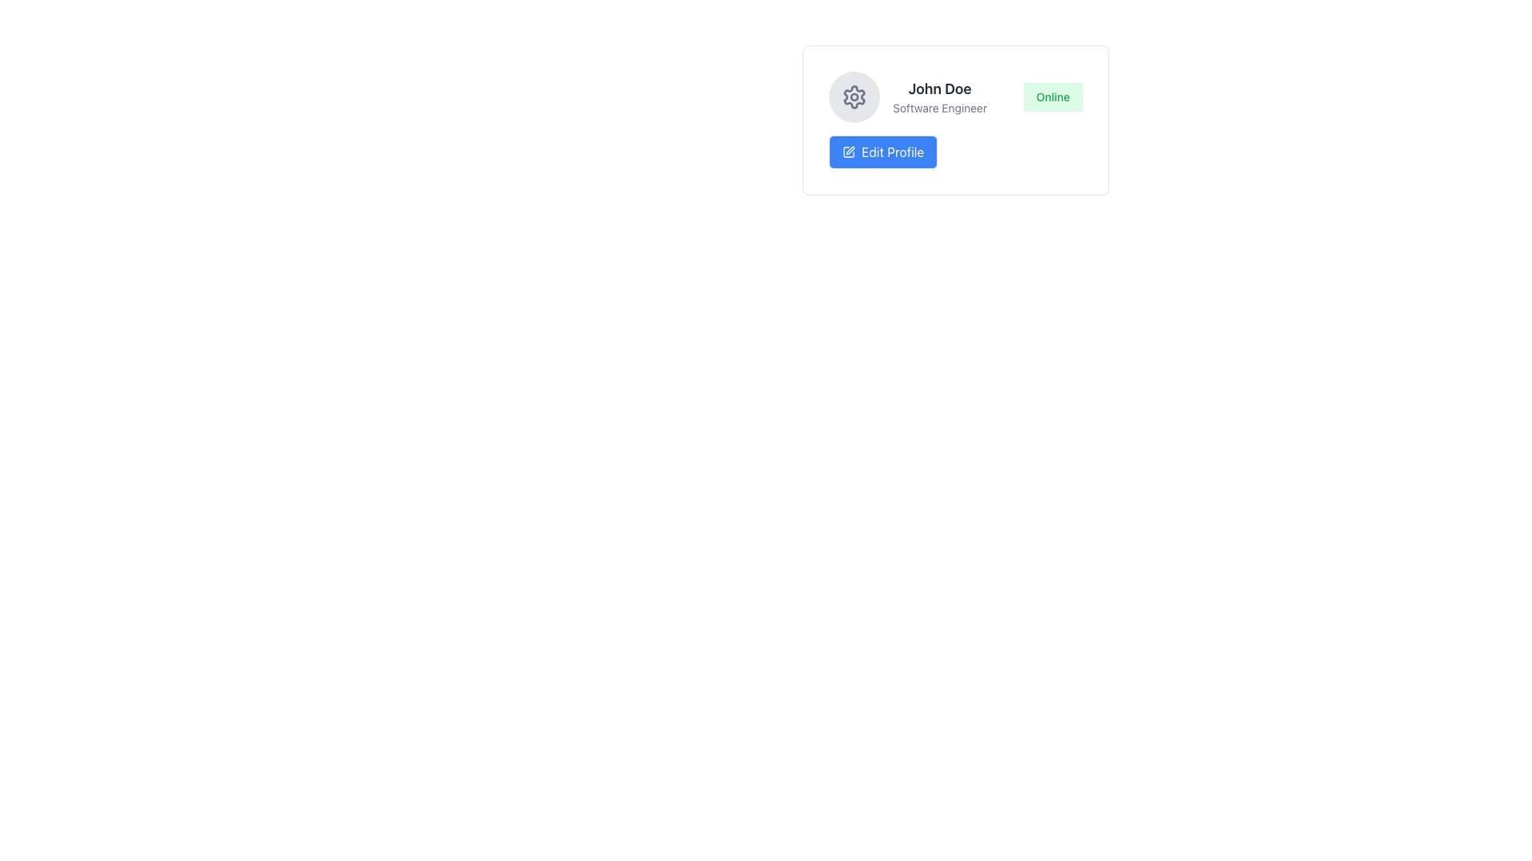 The height and width of the screenshot is (861, 1532). Describe the element at coordinates (853, 97) in the screenshot. I see `the user profile icon or button located at the top-left corner of the profile display section` at that location.